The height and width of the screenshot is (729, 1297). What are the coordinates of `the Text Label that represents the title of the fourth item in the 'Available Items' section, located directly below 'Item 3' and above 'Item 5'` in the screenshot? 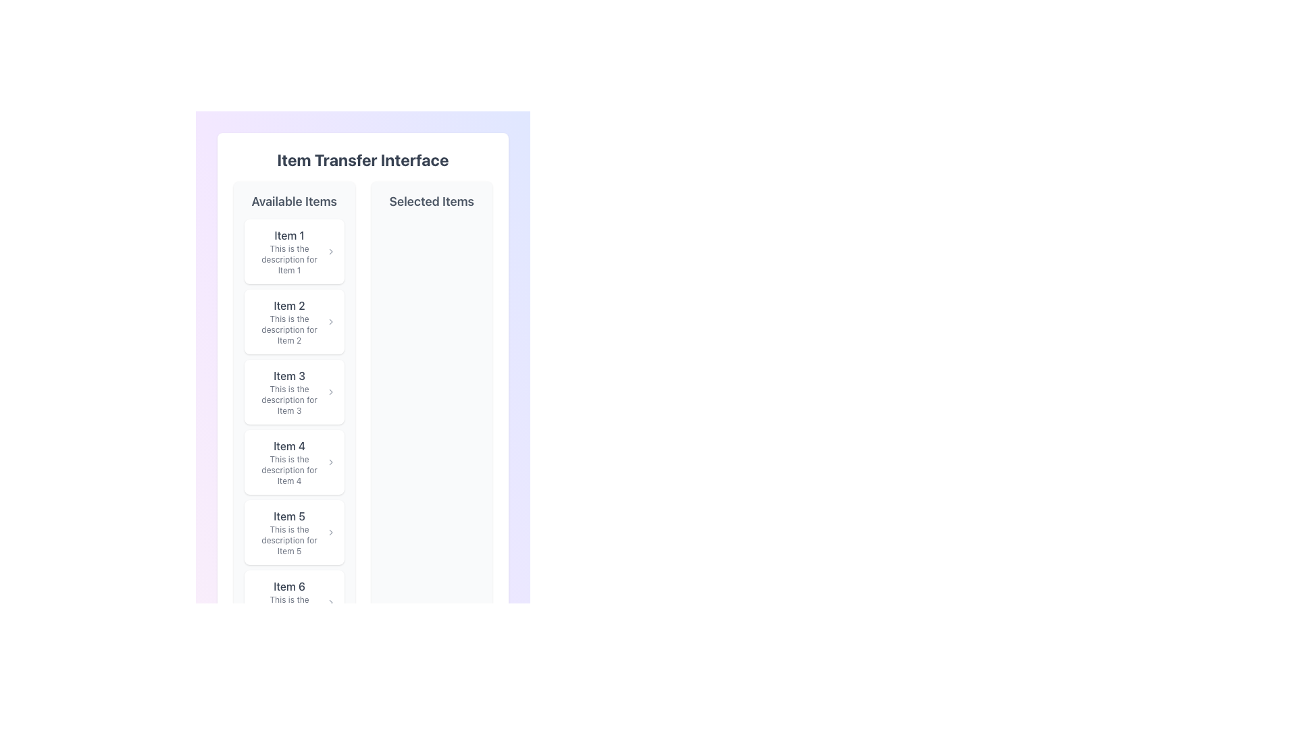 It's located at (288, 446).